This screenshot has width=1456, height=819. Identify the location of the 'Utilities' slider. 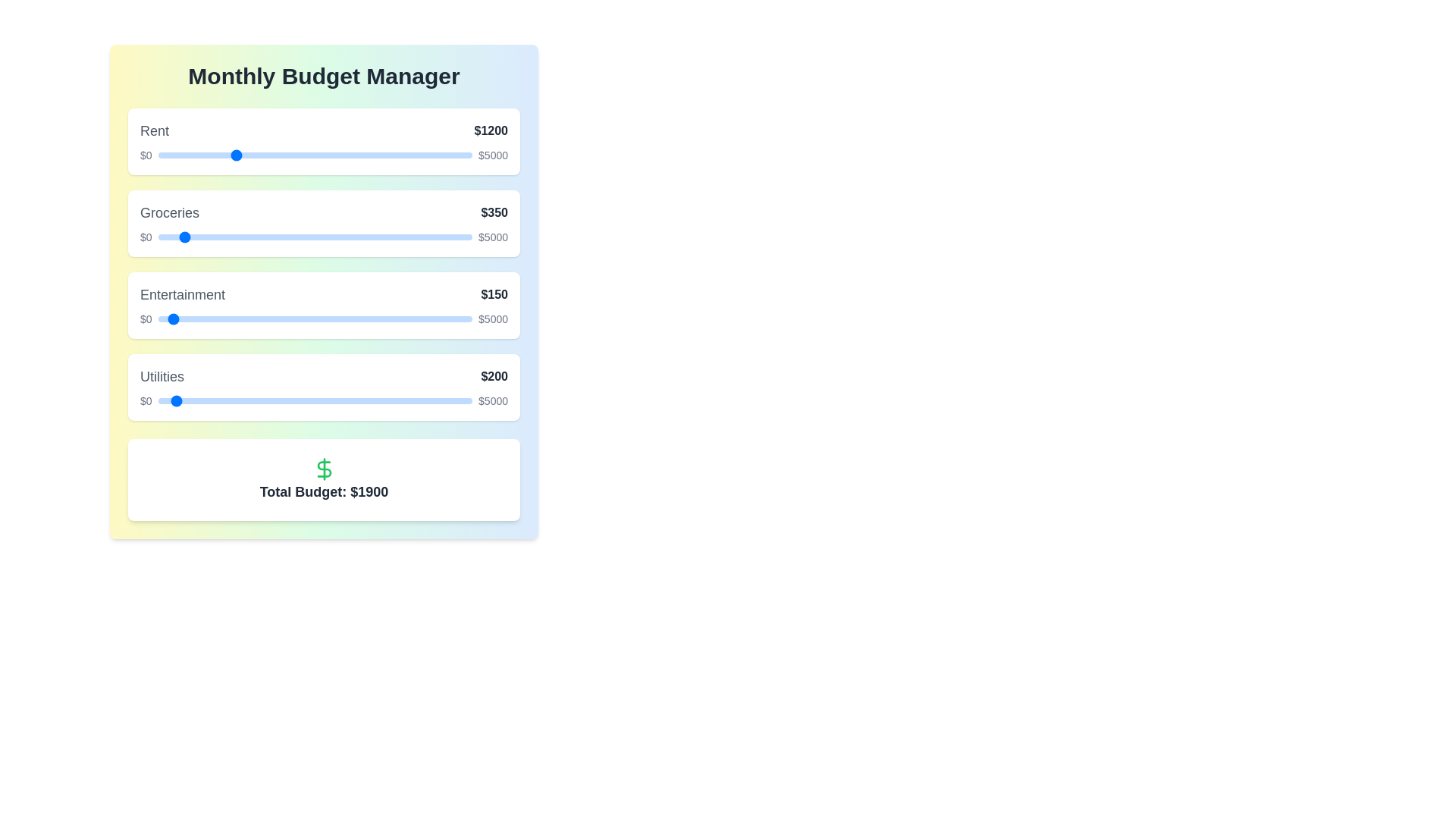
(353, 400).